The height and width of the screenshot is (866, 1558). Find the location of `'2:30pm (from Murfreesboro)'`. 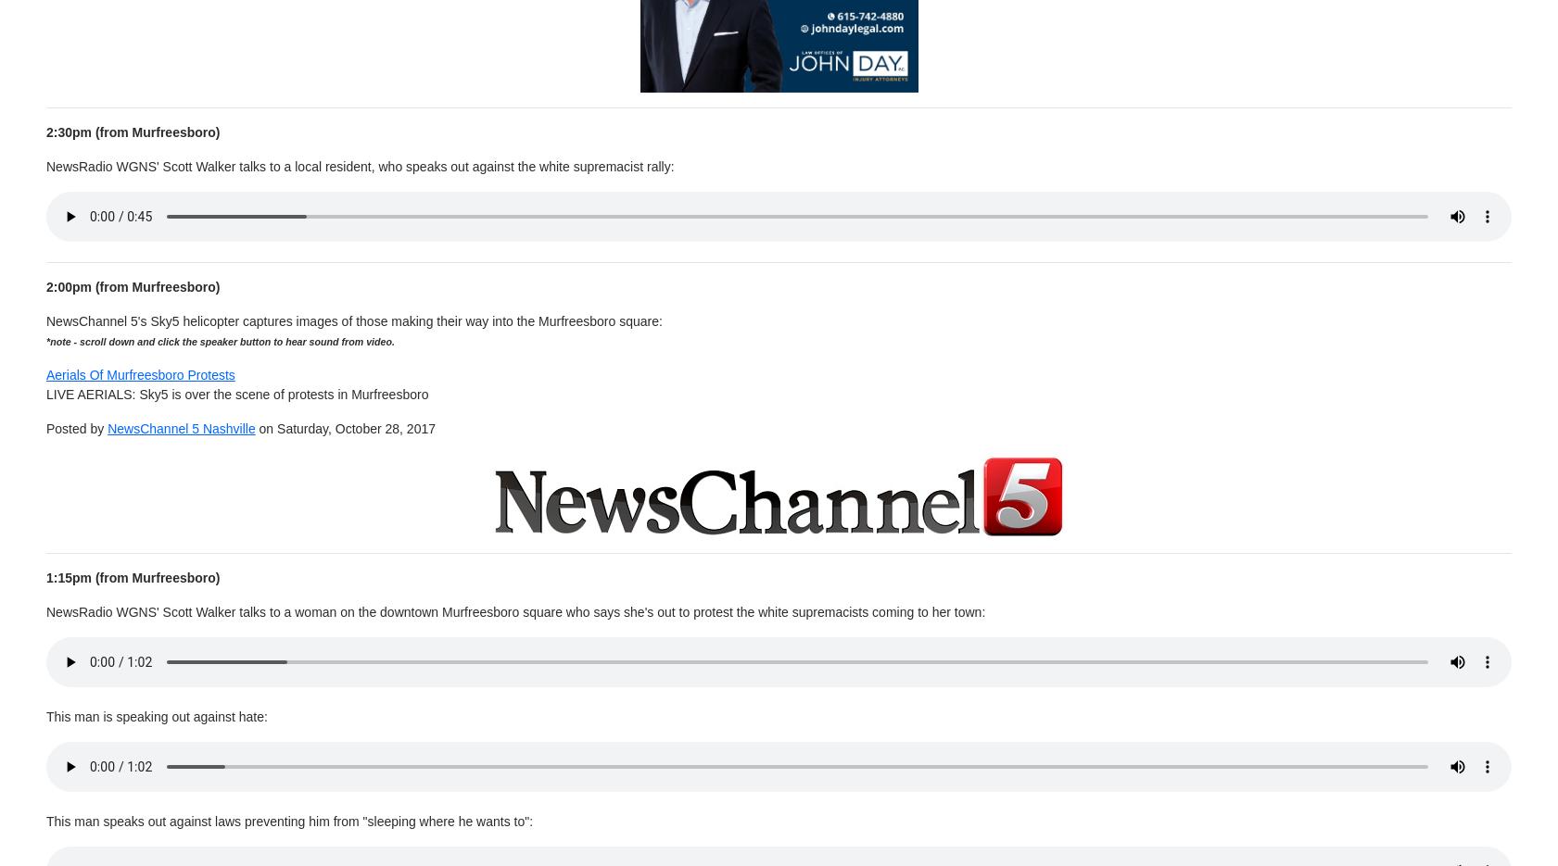

'2:30pm (from Murfreesboro)' is located at coordinates (132, 132).